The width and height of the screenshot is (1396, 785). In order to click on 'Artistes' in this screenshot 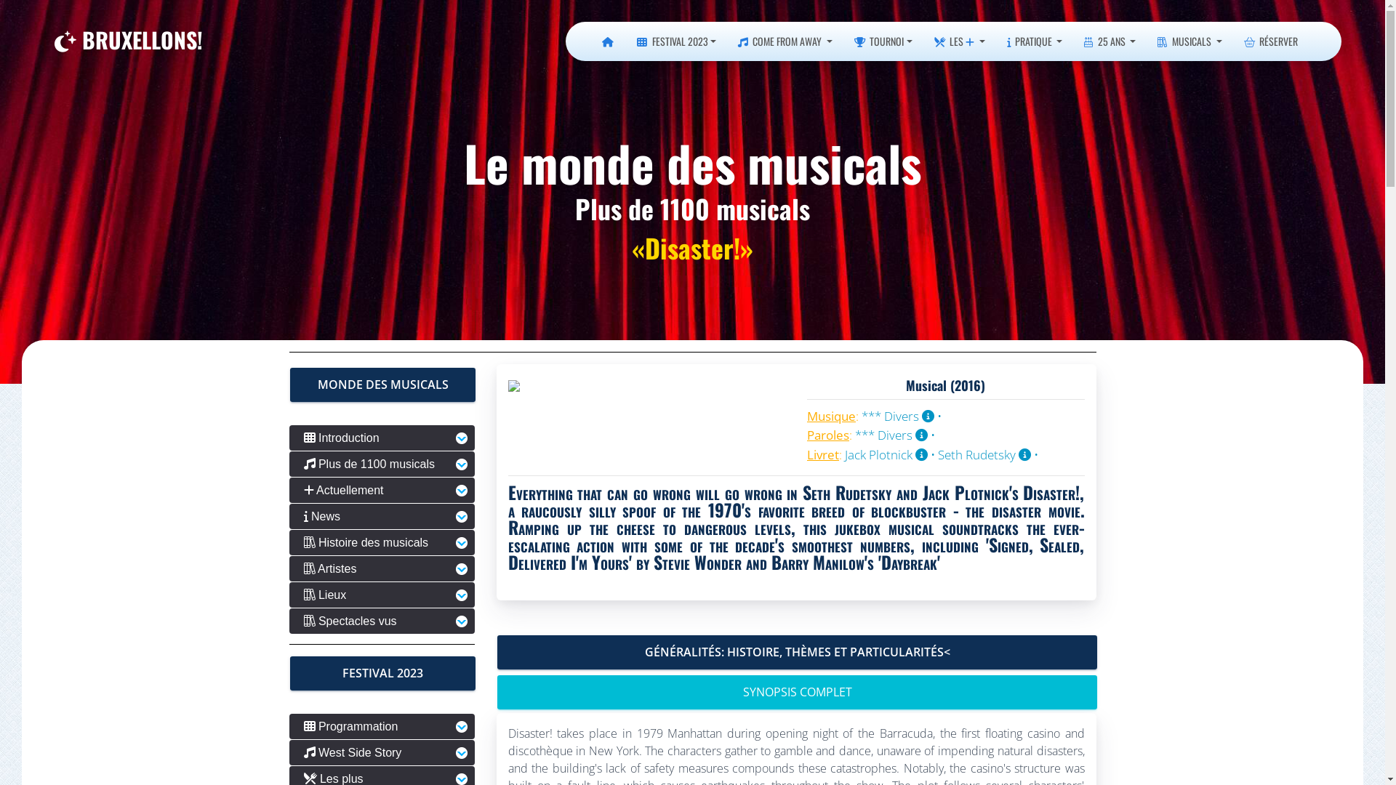, I will do `click(382, 568)`.